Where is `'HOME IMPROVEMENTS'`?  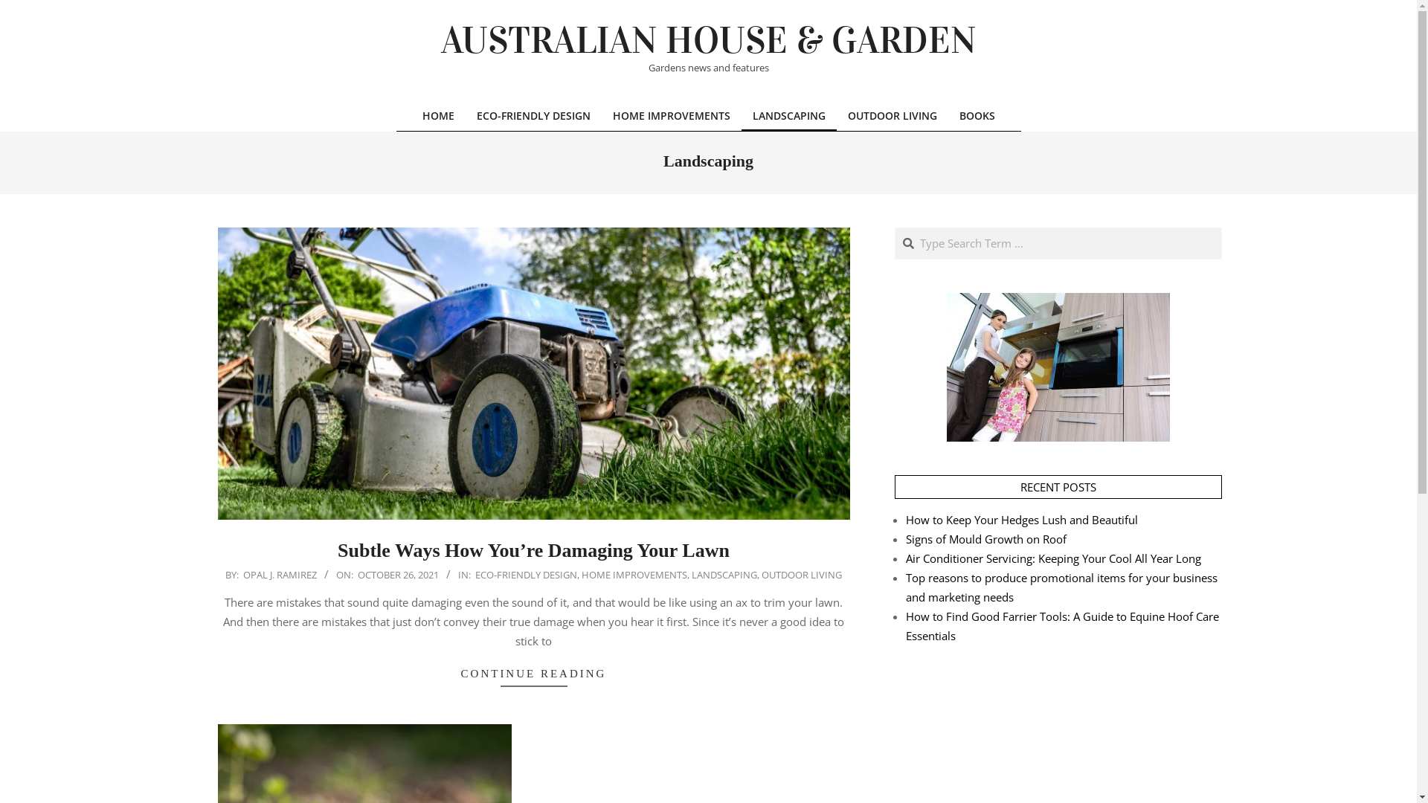 'HOME IMPROVEMENTS' is located at coordinates (634, 573).